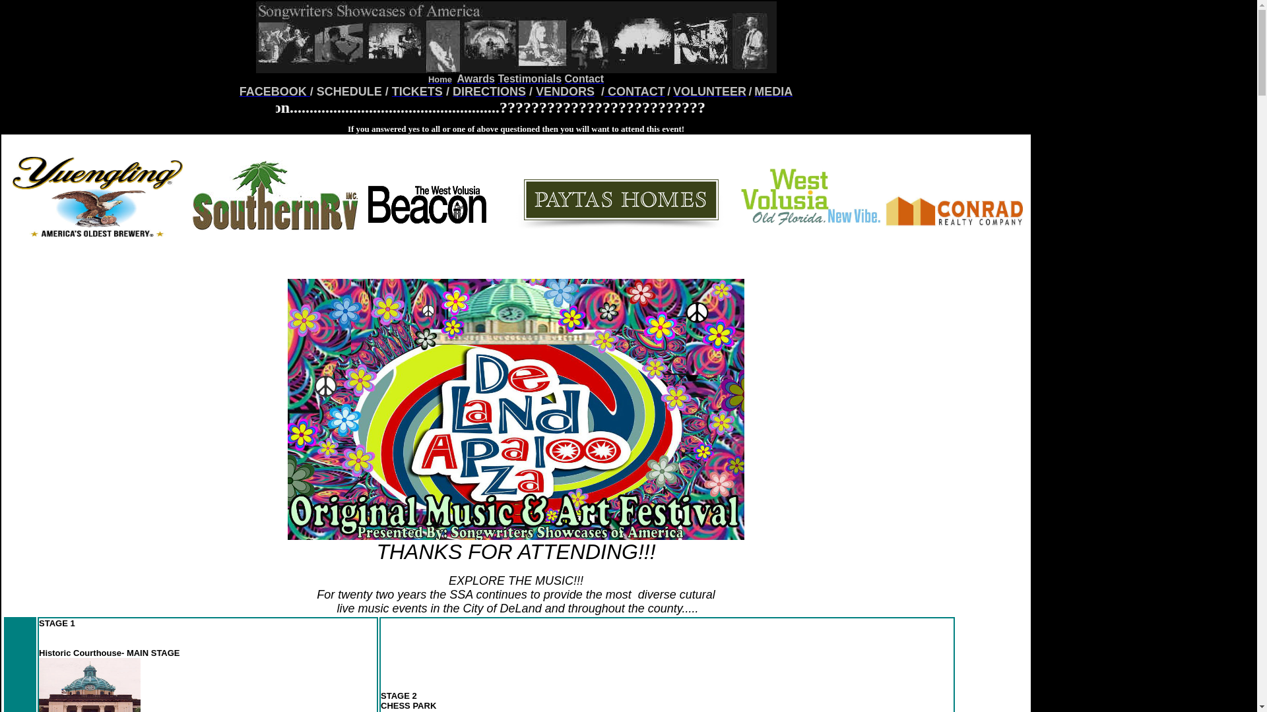 This screenshot has width=1267, height=712. I want to click on 'CONTACT', so click(607, 92).